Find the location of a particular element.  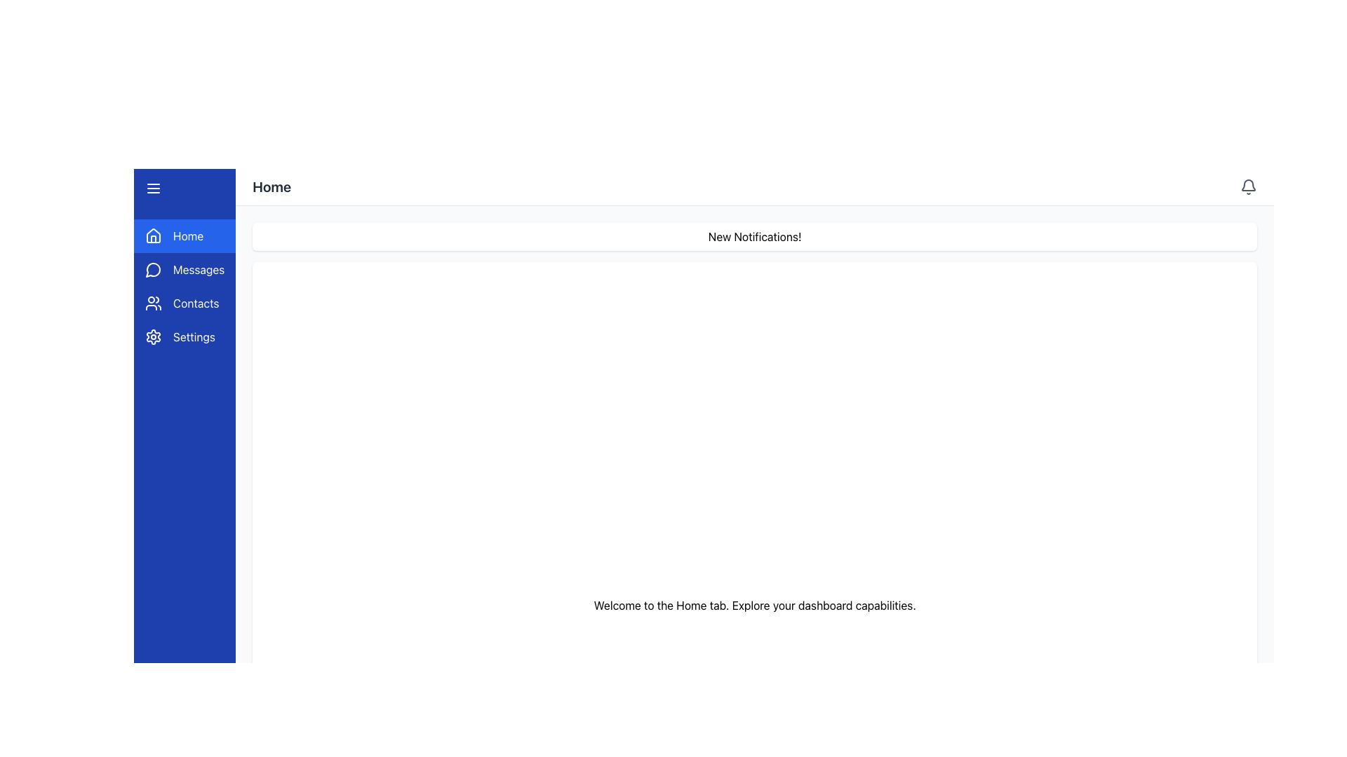

the button located at the bottom of the left sidebar, below 'Home', 'Messages', and 'Contacts' is located at coordinates (184, 337).